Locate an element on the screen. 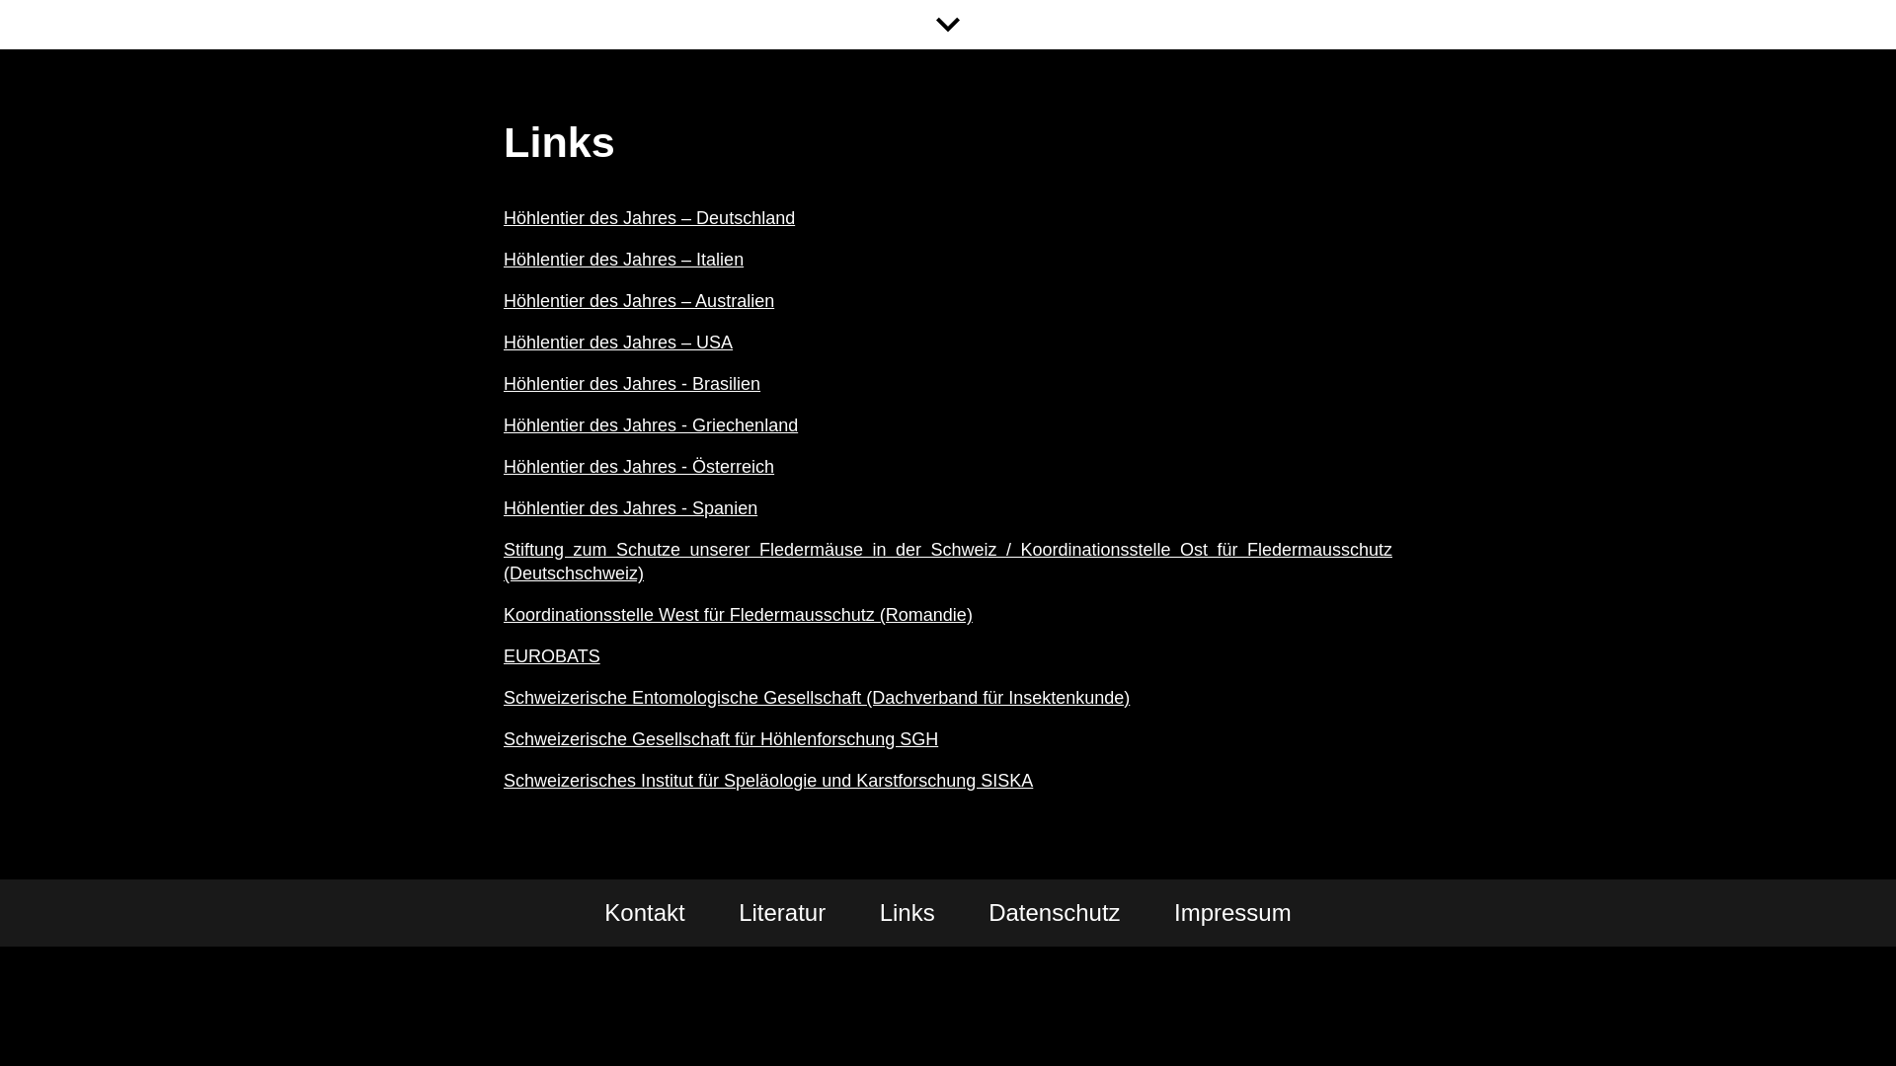  'Links' is located at coordinates (906, 913).